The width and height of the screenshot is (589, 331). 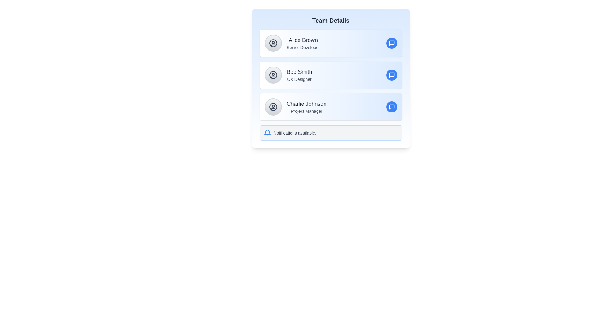 What do you see at coordinates (391, 43) in the screenshot?
I see `the chat icon associated with 'Alice Brown'` at bounding box center [391, 43].